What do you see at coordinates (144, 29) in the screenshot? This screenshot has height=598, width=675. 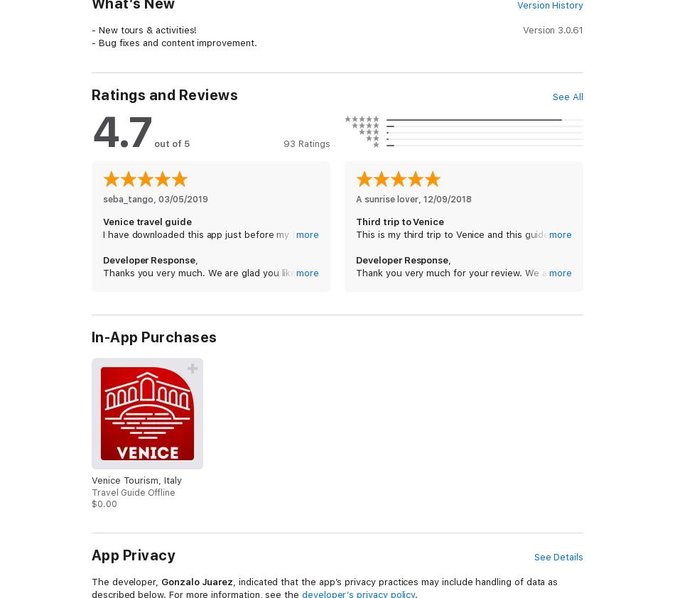 I see `'- New tours & activities!'` at bounding box center [144, 29].